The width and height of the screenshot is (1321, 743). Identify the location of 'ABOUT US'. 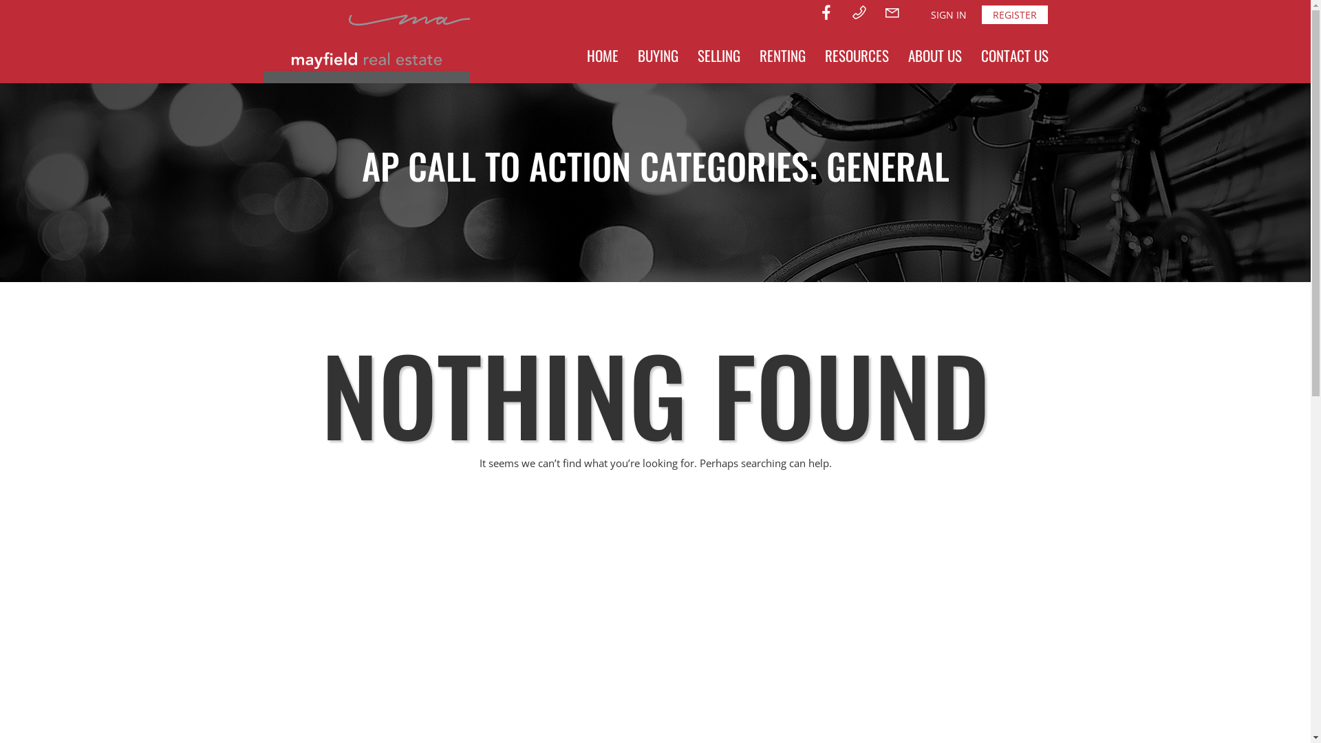
(934, 55).